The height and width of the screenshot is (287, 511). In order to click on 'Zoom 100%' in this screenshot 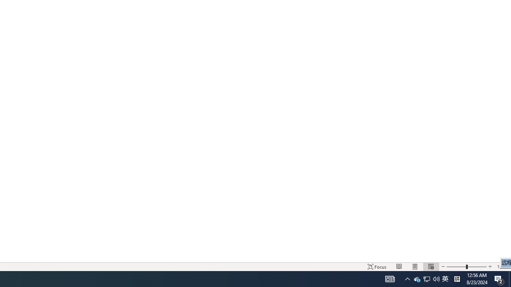, I will do `click(502, 267)`.